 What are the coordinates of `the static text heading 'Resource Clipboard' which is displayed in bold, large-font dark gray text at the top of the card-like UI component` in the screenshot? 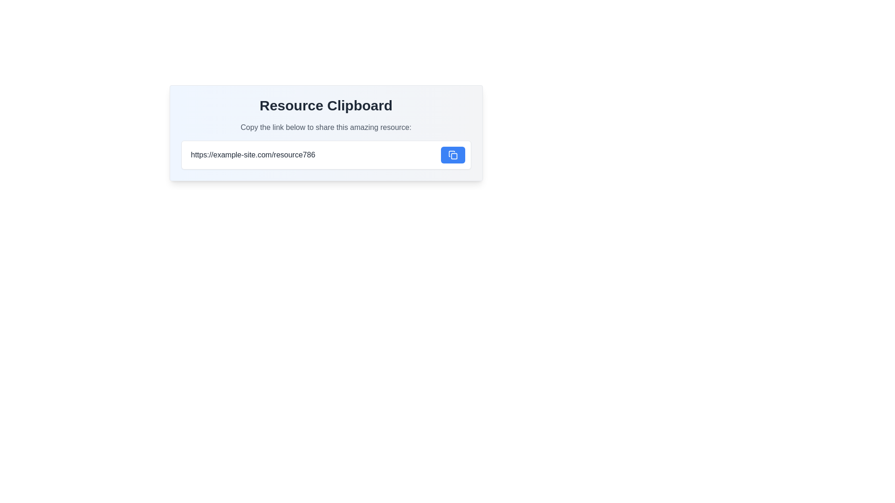 It's located at (326, 105).